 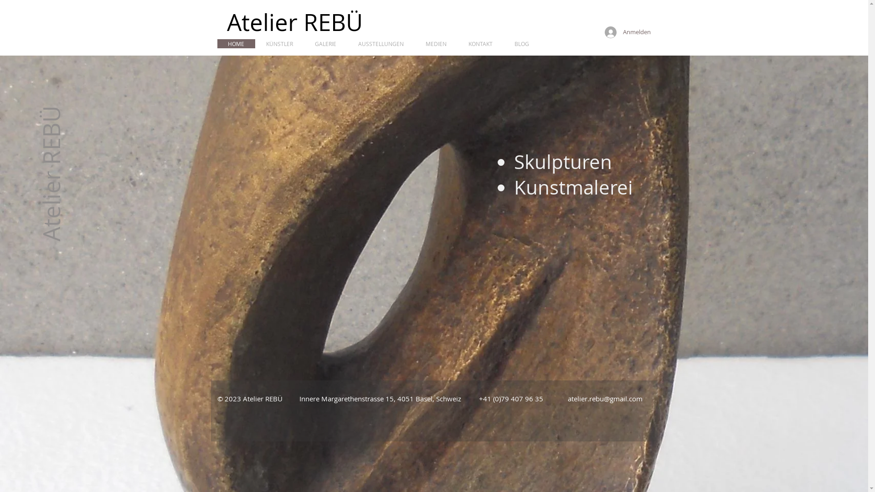 I want to click on 'GALERIE', so click(x=325, y=44).